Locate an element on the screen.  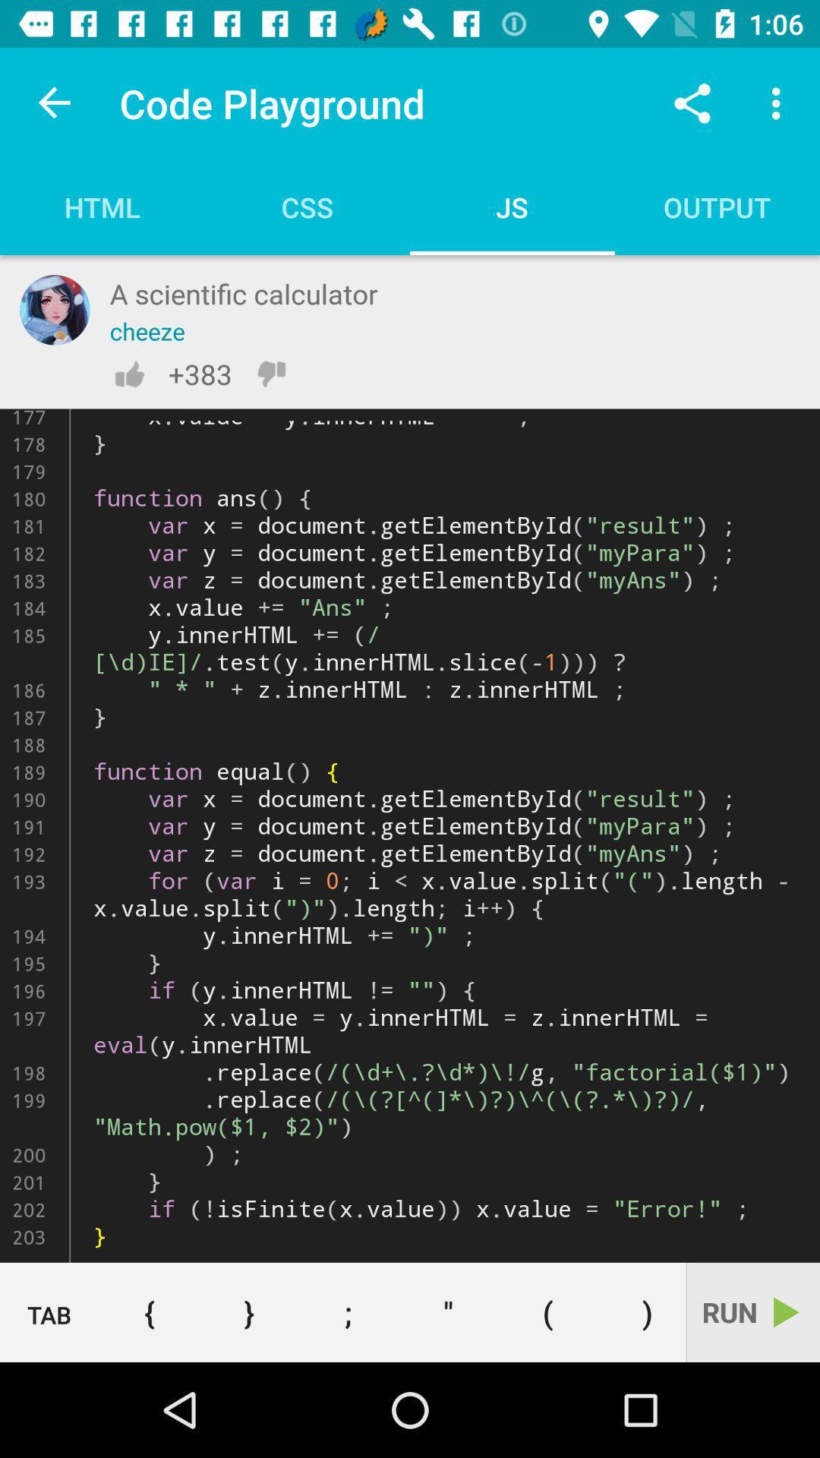
item to the left of } item is located at coordinates (149, 1311).